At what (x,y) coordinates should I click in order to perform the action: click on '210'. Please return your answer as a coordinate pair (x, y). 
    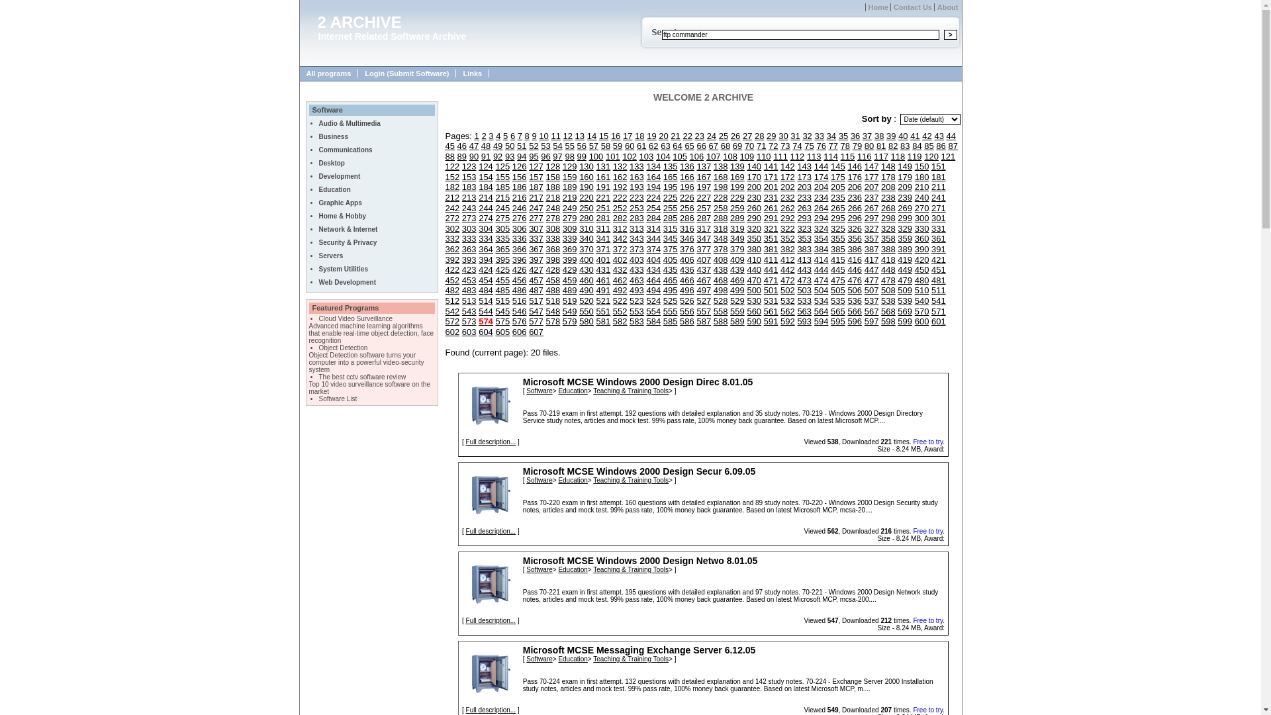
    Looking at the image, I should click on (921, 187).